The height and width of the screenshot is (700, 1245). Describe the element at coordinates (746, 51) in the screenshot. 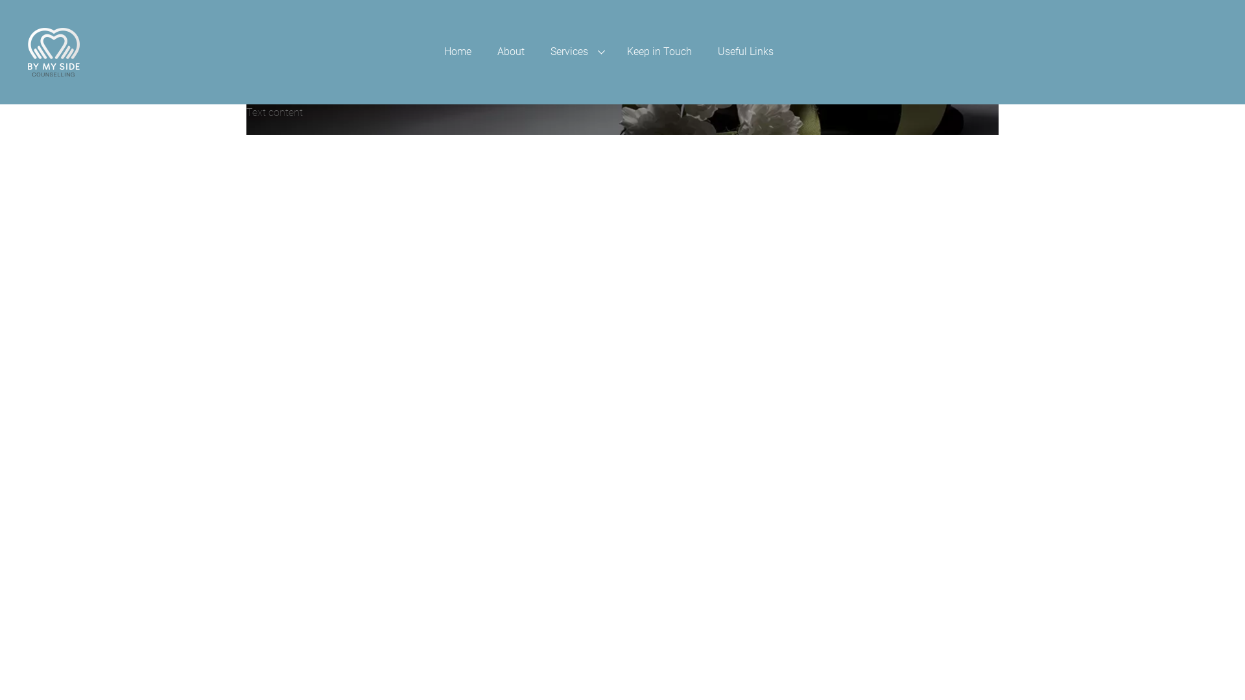

I see `'Useful Links'` at that location.